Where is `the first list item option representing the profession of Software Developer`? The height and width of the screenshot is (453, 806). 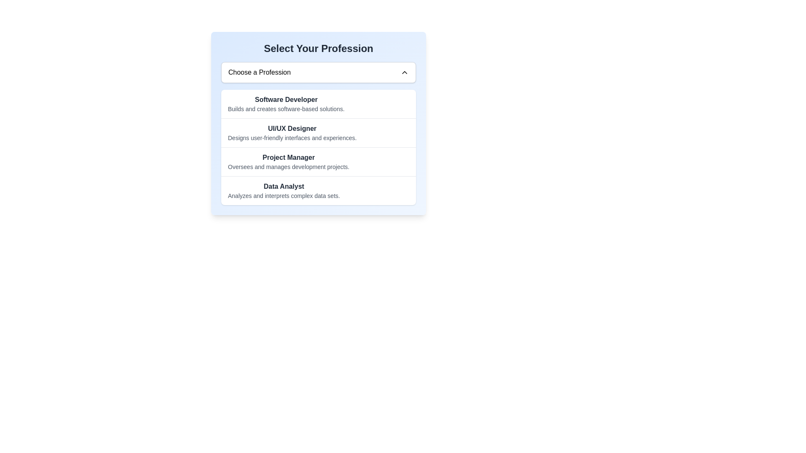
the first list item option representing the profession of Software Developer is located at coordinates (286, 103).